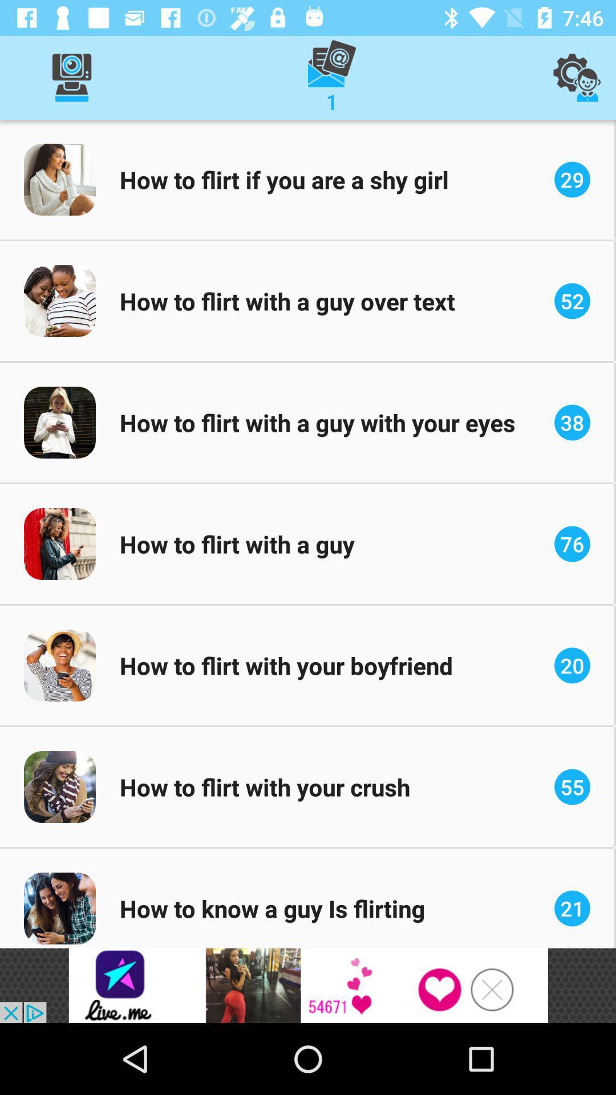 The image size is (616, 1095). Describe the element at coordinates (59, 179) in the screenshot. I see `the first image which is on the left` at that location.